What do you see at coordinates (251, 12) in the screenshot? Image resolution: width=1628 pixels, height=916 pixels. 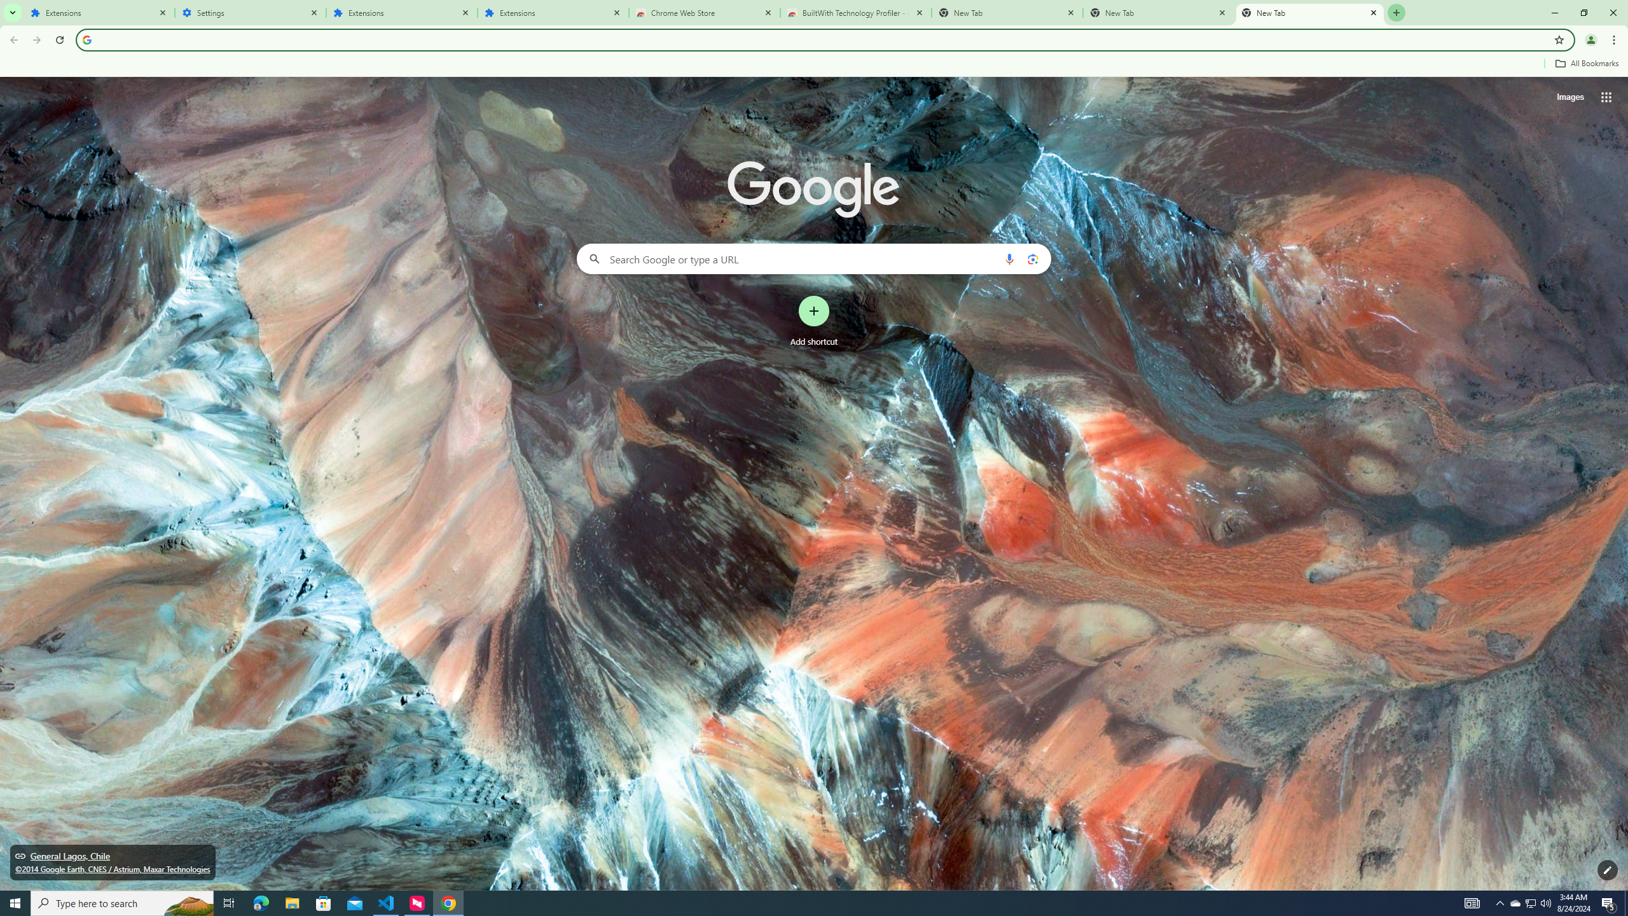 I see `'Settings'` at bounding box center [251, 12].